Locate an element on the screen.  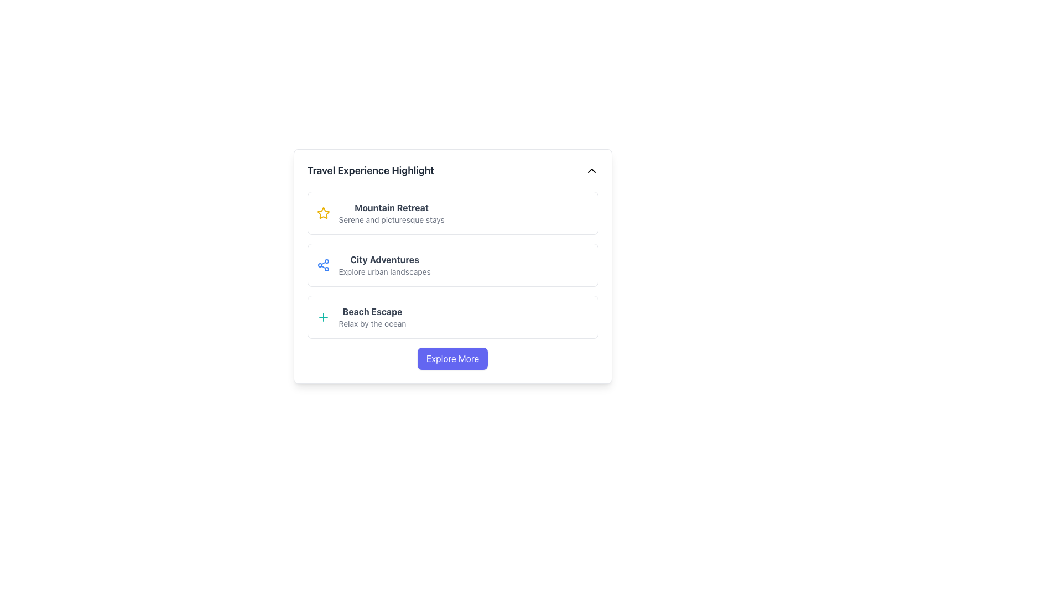
the 'City Adventures' list item is located at coordinates (452, 266).